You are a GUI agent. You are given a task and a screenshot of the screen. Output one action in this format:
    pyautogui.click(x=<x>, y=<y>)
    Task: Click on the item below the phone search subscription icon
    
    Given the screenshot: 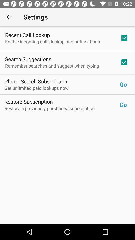 What is the action you would take?
    pyautogui.click(x=62, y=88)
    